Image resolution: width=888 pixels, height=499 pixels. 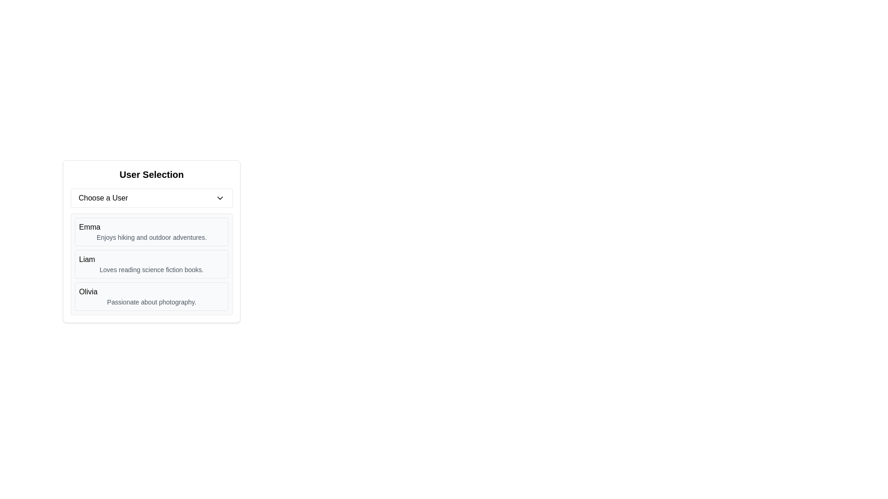 I want to click on the text display area representing Olivia, the last entry in the user list, so click(x=151, y=296).